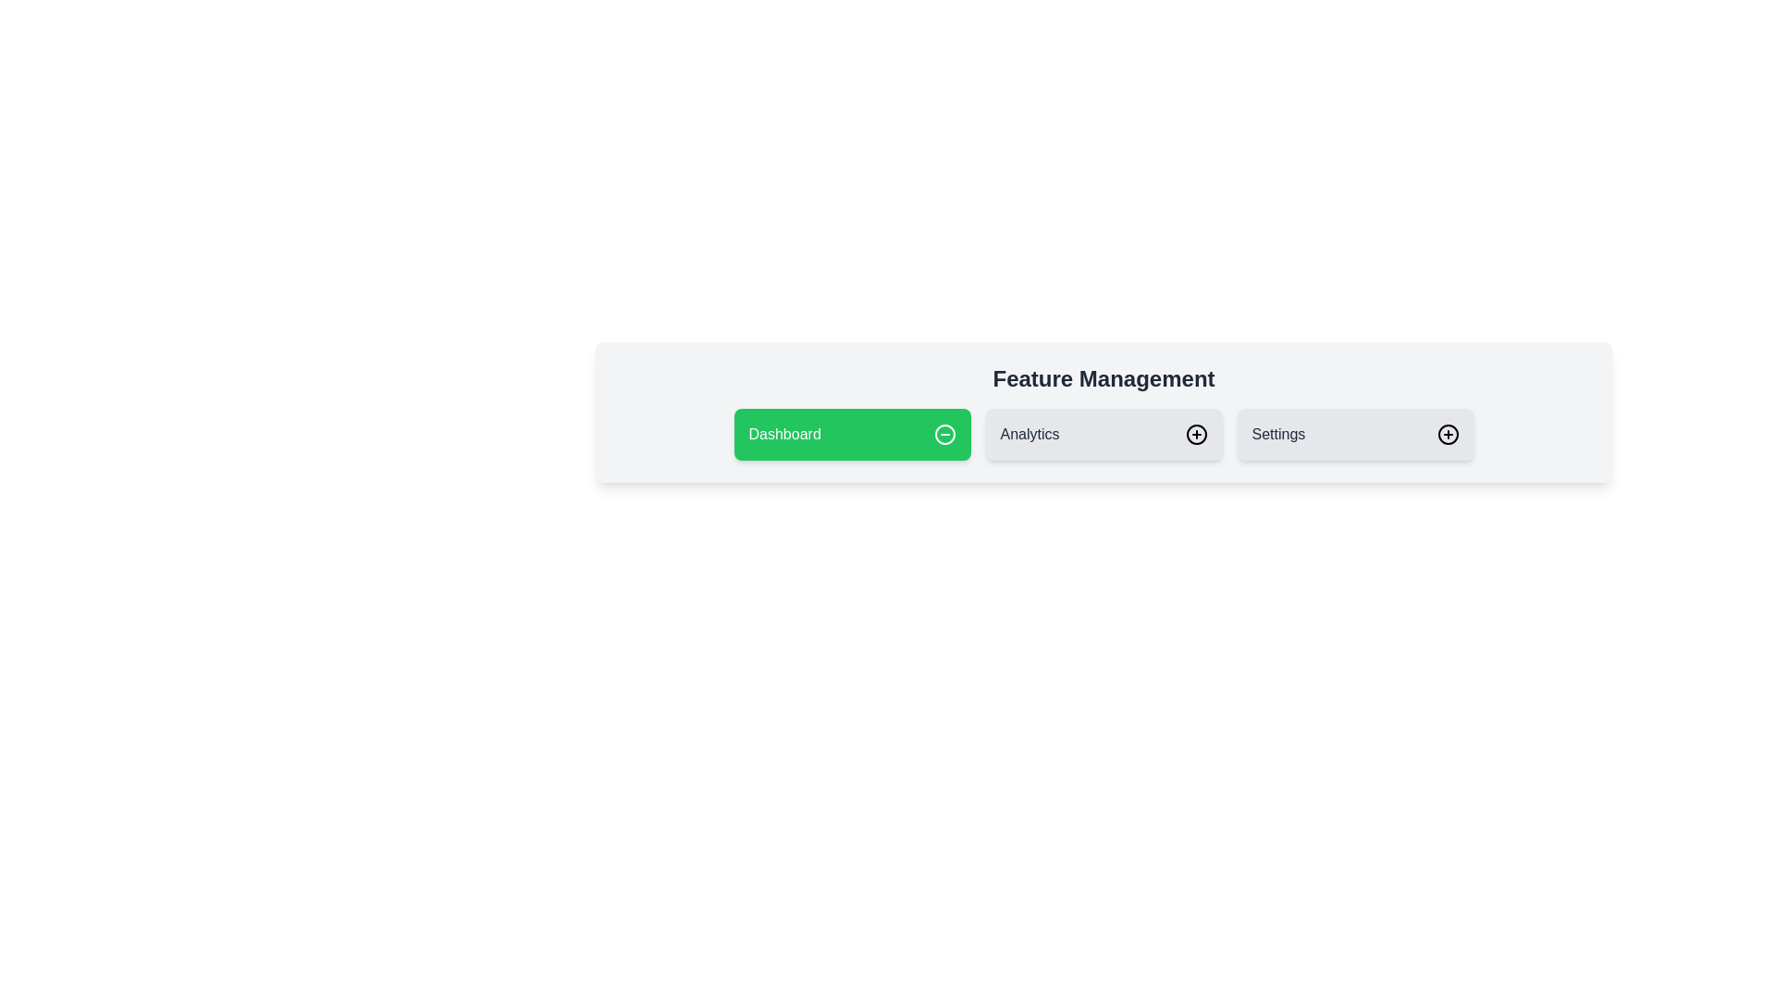  I want to click on the circular boundary of the plus icon, which serves as a decorative boundary for the 'Settings' button located at the right end of the middle bar, so click(1196, 435).